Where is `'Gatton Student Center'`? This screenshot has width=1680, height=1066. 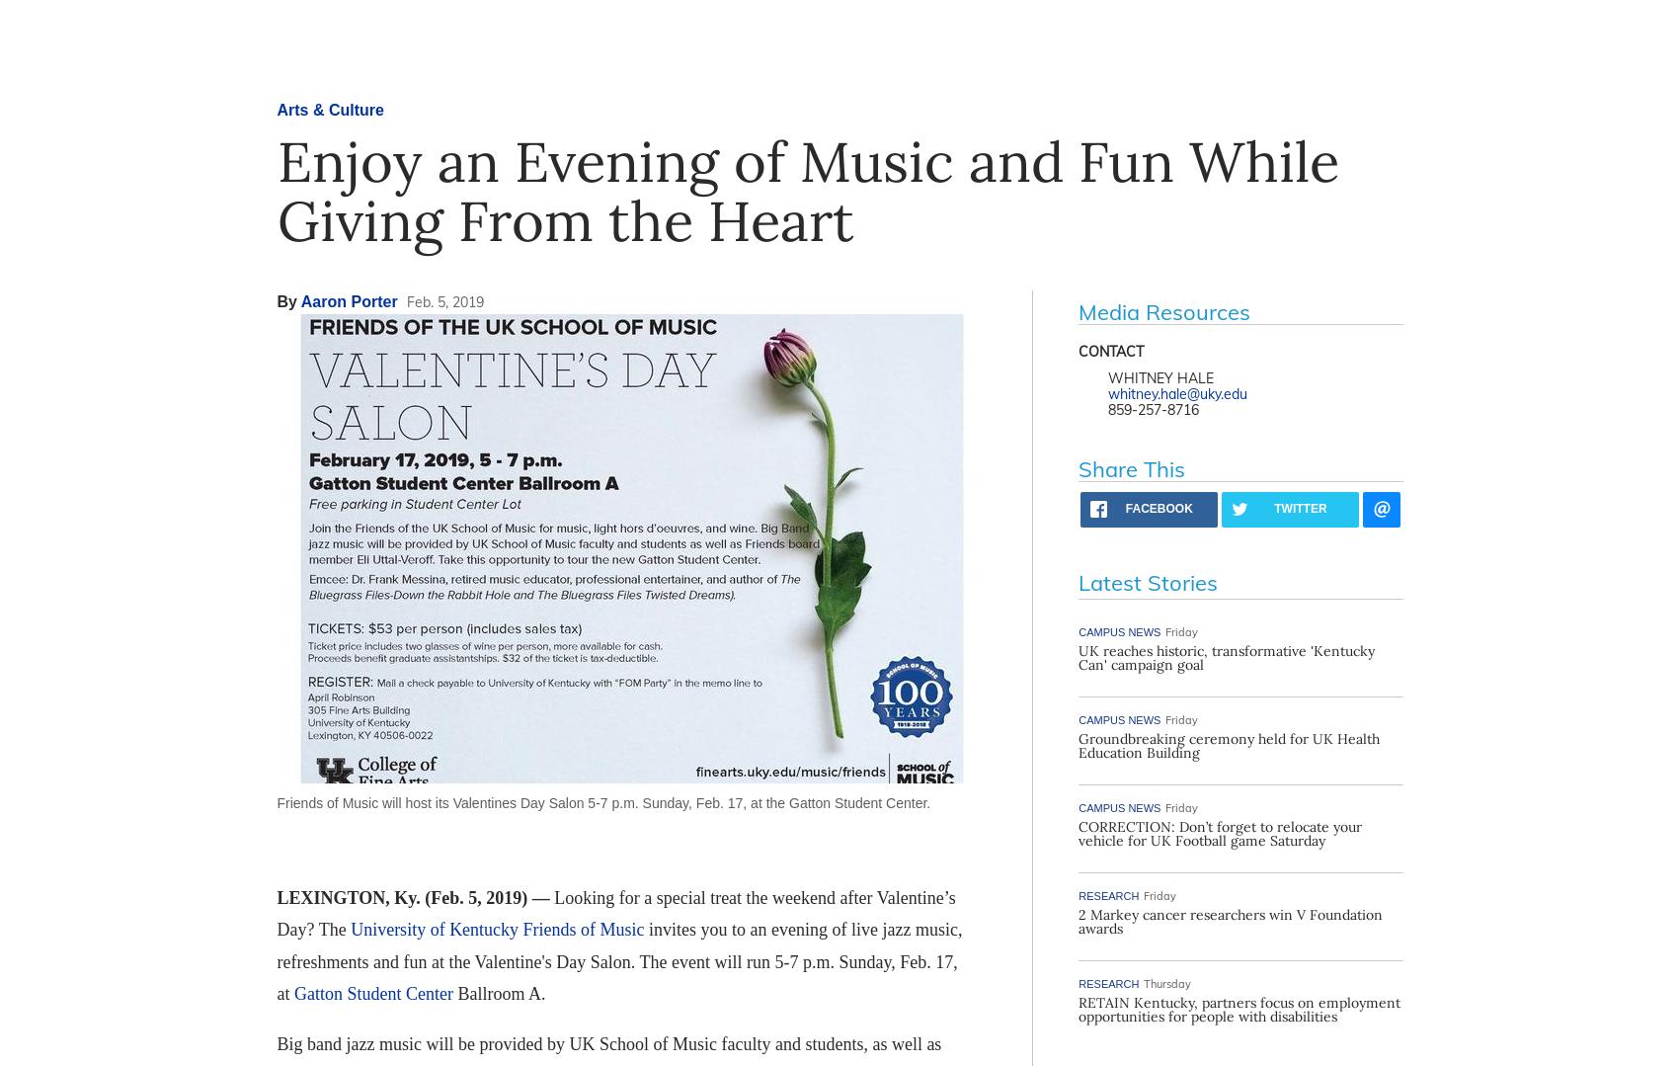 'Gatton Student Center' is located at coordinates (371, 993).